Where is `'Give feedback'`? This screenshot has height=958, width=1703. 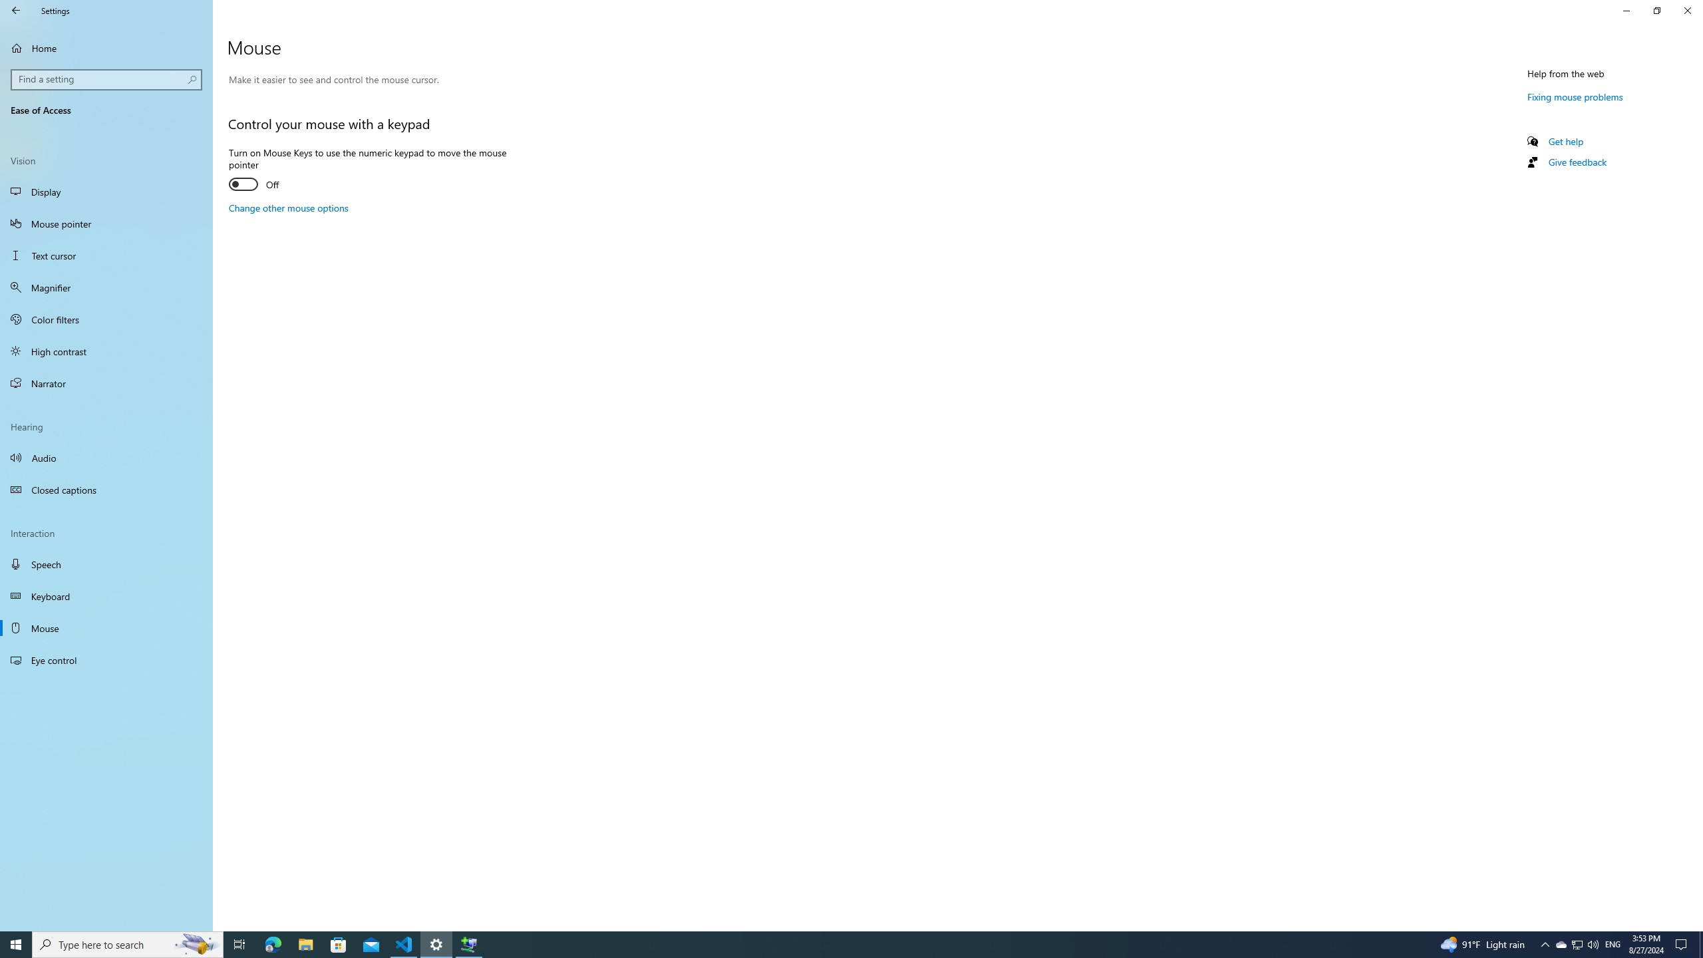
'Give feedback' is located at coordinates (1576, 161).